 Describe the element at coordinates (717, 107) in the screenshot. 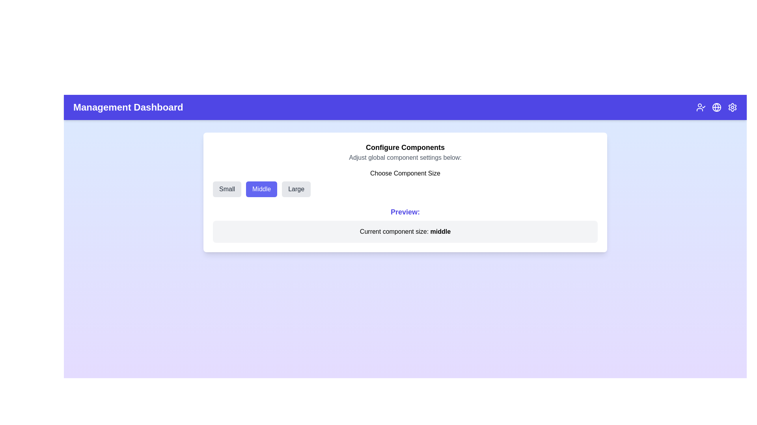

I see `the circular globe icon in the top-right corner of the header bar, which represents global settings or language options` at that location.